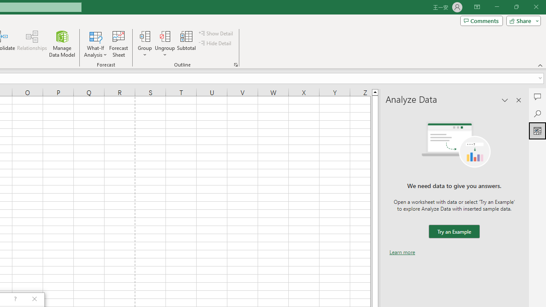 The height and width of the screenshot is (307, 546). Describe the element at coordinates (145, 36) in the screenshot. I see `'Group...'` at that location.